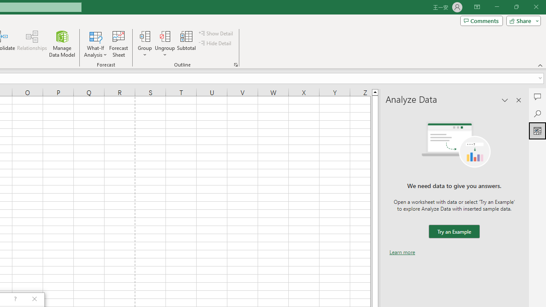 The height and width of the screenshot is (307, 546). Describe the element at coordinates (145, 36) in the screenshot. I see `'Group...'` at that location.